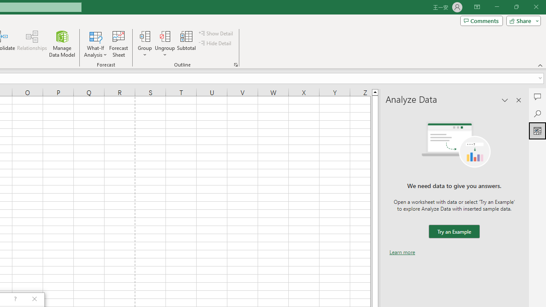 The height and width of the screenshot is (307, 546). Describe the element at coordinates (145, 36) in the screenshot. I see `'Group...'` at that location.